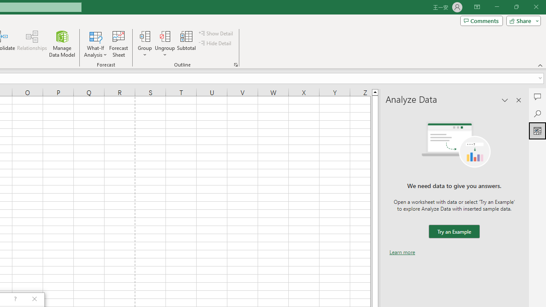 The height and width of the screenshot is (307, 546). Describe the element at coordinates (145, 36) in the screenshot. I see `'Group...'` at that location.